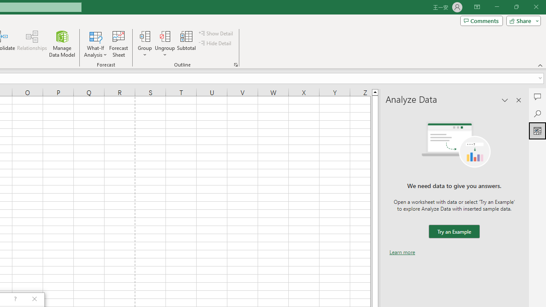 The height and width of the screenshot is (307, 546). Describe the element at coordinates (145, 36) in the screenshot. I see `'Group...'` at that location.